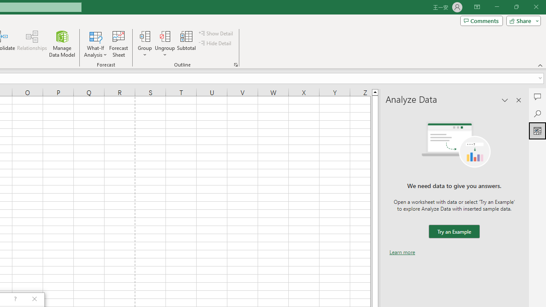 The height and width of the screenshot is (307, 546). Describe the element at coordinates (145, 36) in the screenshot. I see `'Group...'` at that location.